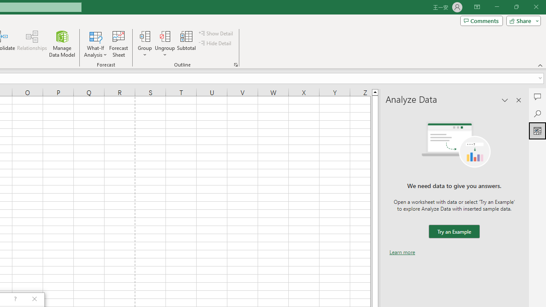 The height and width of the screenshot is (307, 546). Describe the element at coordinates (145, 36) in the screenshot. I see `'Group...'` at that location.